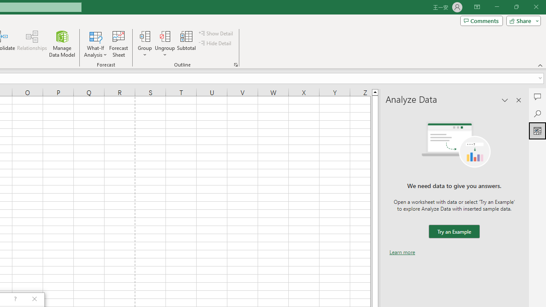 The height and width of the screenshot is (307, 546). Describe the element at coordinates (145, 36) in the screenshot. I see `'Group...'` at that location.